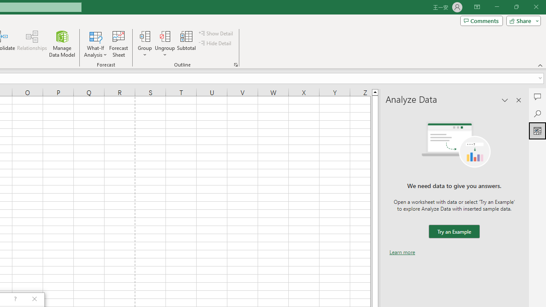 The height and width of the screenshot is (307, 546). Describe the element at coordinates (145, 36) in the screenshot. I see `'Group...'` at that location.